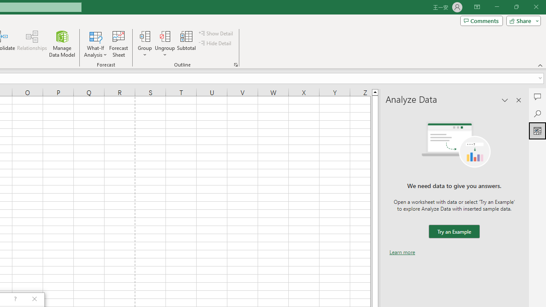 The height and width of the screenshot is (307, 546). Describe the element at coordinates (145, 36) in the screenshot. I see `'Group...'` at that location.